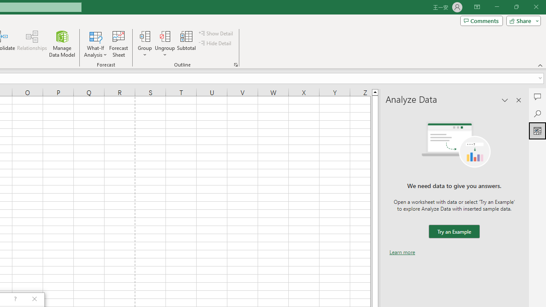 The height and width of the screenshot is (307, 546). Describe the element at coordinates (145, 36) in the screenshot. I see `'Group...'` at that location.